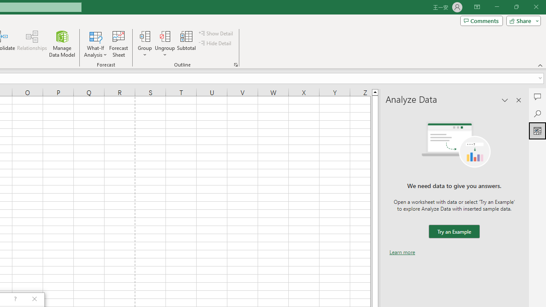 The height and width of the screenshot is (307, 546). Describe the element at coordinates (145, 36) in the screenshot. I see `'Group...'` at that location.